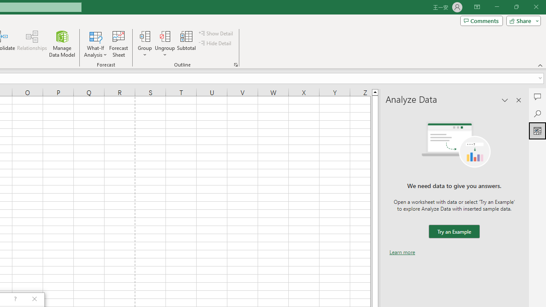 The height and width of the screenshot is (307, 546). Describe the element at coordinates (145, 36) in the screenshot. I see `'Group...'` at that location.